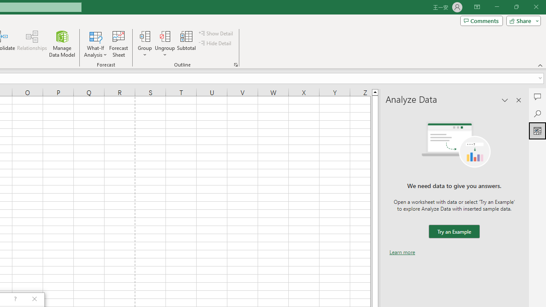 The height and width of the screenshot is (307, 546). Describe the element at coordinates (145, 36) in the screenshot. I see `'Group...'` at that location.